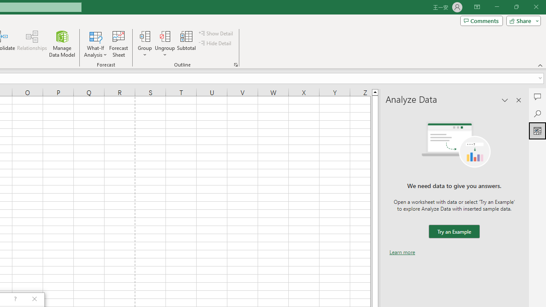 The height and width of the screenshot is (307, 546). Describe the element at coordinates (145, 36) in the screenshot. I see `'Group...'` at that location.